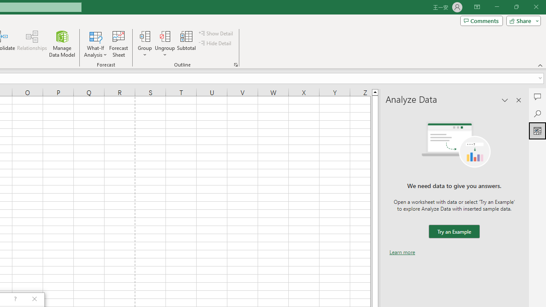 The height and width of the screenshot is (307, 546). Describe the element at coordinates (145, 36) in the screenshot. I see `'Group...'` at that location.